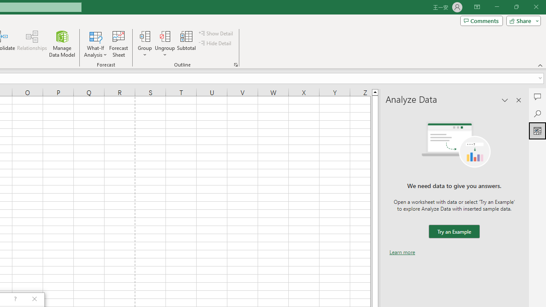 The height and width of the screenshot is (307, 546). Describe the element at coordinates (145, 36) in the screenshot. I see `'Group...'` at that location.